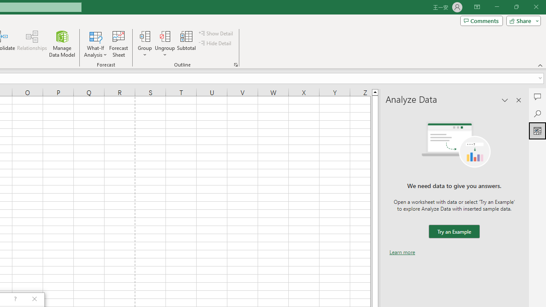 The height and width of the screenshot is (307, 546). Describe the element at coordinates (145, 36) in the screenshot. I see `'Group...'` at that location.